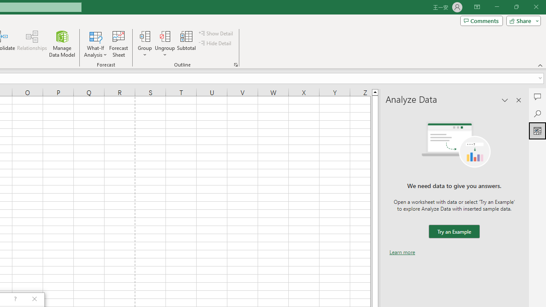 The height and width of the screenshot is (307, 546). Describe the element at coordinates (145, 36) in the screenshot. I see `'Group...'` at that location.